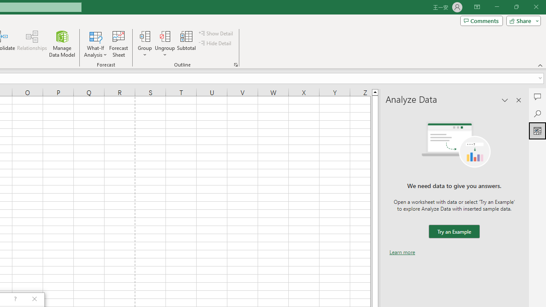 The height and width of the screenshot is (307, 546). Describe the element at coordinates (145, 36) in the screenshot. I see `'Group...'` at that location.